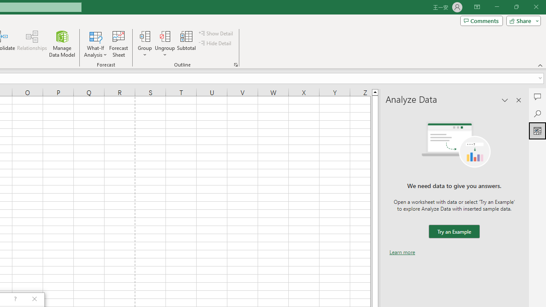 The height and width of the screenshot is (307, 546). Describe the element at coordinates (145, 36) in the screenshot. I see `'Group...'` at that location.